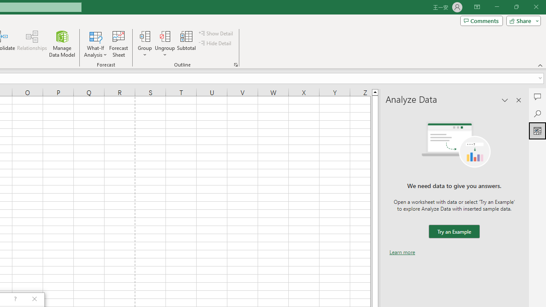 The height and width of the screenshot is (307, 546). Describe the element at coordinates (145, 36) in the screenshot. I see `'Group...'` at that location.